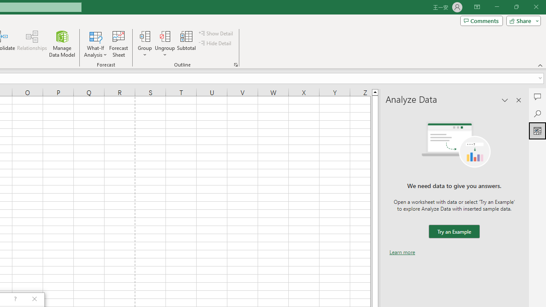 The height and width of the screenshot is (307, 546). Describe the element at coordinates (145, 36) in the screenshot. I see `'Group...'` at that location.